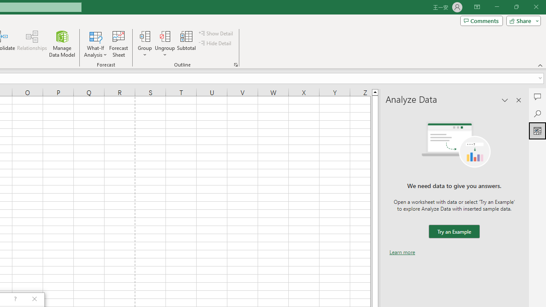 The height and width of the screenshot is (307, 546). Describe the element at coordinates (145, 36) in the screenshot. I see `'Group...'` at that location.